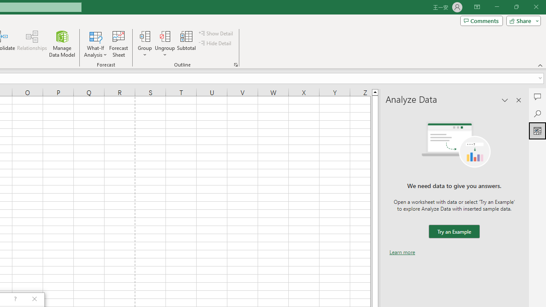 The height and width of the screenshot is (307, 546). Describe the element at coordinates (145, 36) in the screenshot. I see `'Group...'` at that location.